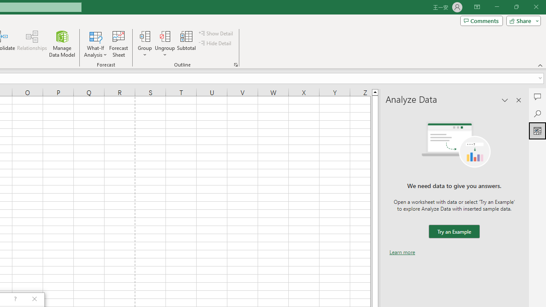 The height and width of the screenshot is (307, 546). Describe the element at coordinates (145, 36) in the screenshot. I see `'Group...'` at that location.